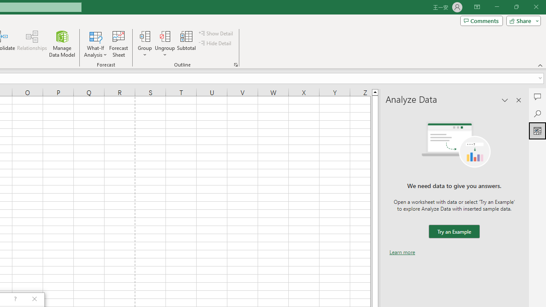 The height and width of the screenshot is (307, 546). Describe the element at coordinates (145, 36) in the screenshot. I see `'Group...'` at that location.